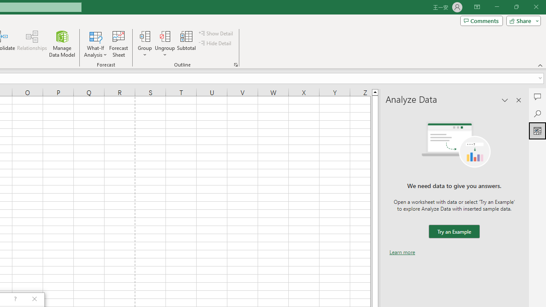 The height and width of the screenshot is (307, 546). Describe the element at coordinates (145, 36) in the screenshot. I see `'Group...'` at that location.